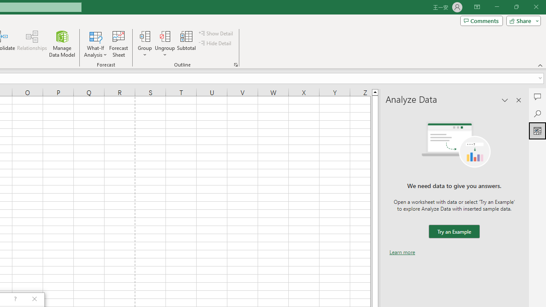 The height and width of the screenshot is (307, 546). Describe the element at coordinates (145, 36) in the screenshot. I see `'Group...'` at that location.